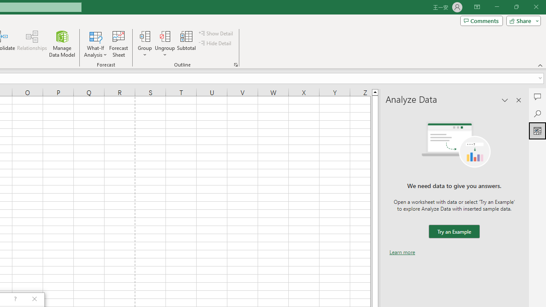 The height and width of the screenshot is (307, 546). Describe the element at coordinates (145, 36) in the screenshot. I see `'Group...'` at that location.